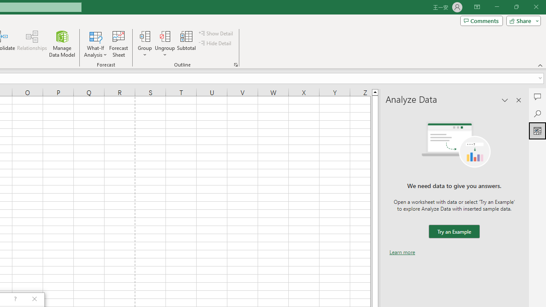 The height and width of the screenshot is (307, 546). Describe the element at coordinates (145, 36) in the screenshot. I see `'Group...'` at that location.